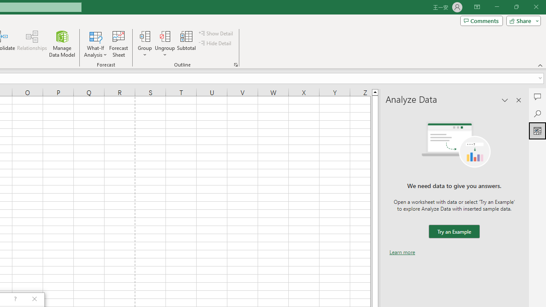 The height and width of the screenshot is (307, 546). Describe the element at coordinates (145, 36) in the screenshot. I see `'Group...'` at that location.